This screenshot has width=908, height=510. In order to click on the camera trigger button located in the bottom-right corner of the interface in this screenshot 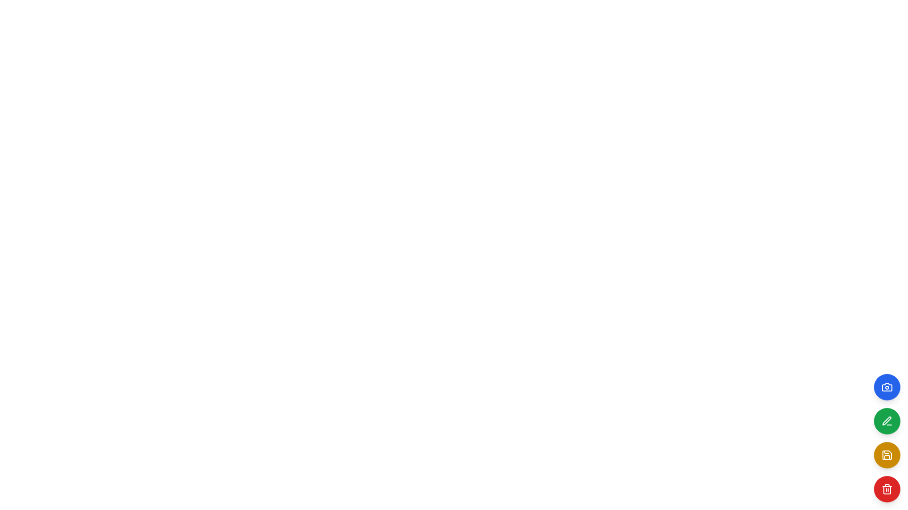, I will do `click(887, 387)`.